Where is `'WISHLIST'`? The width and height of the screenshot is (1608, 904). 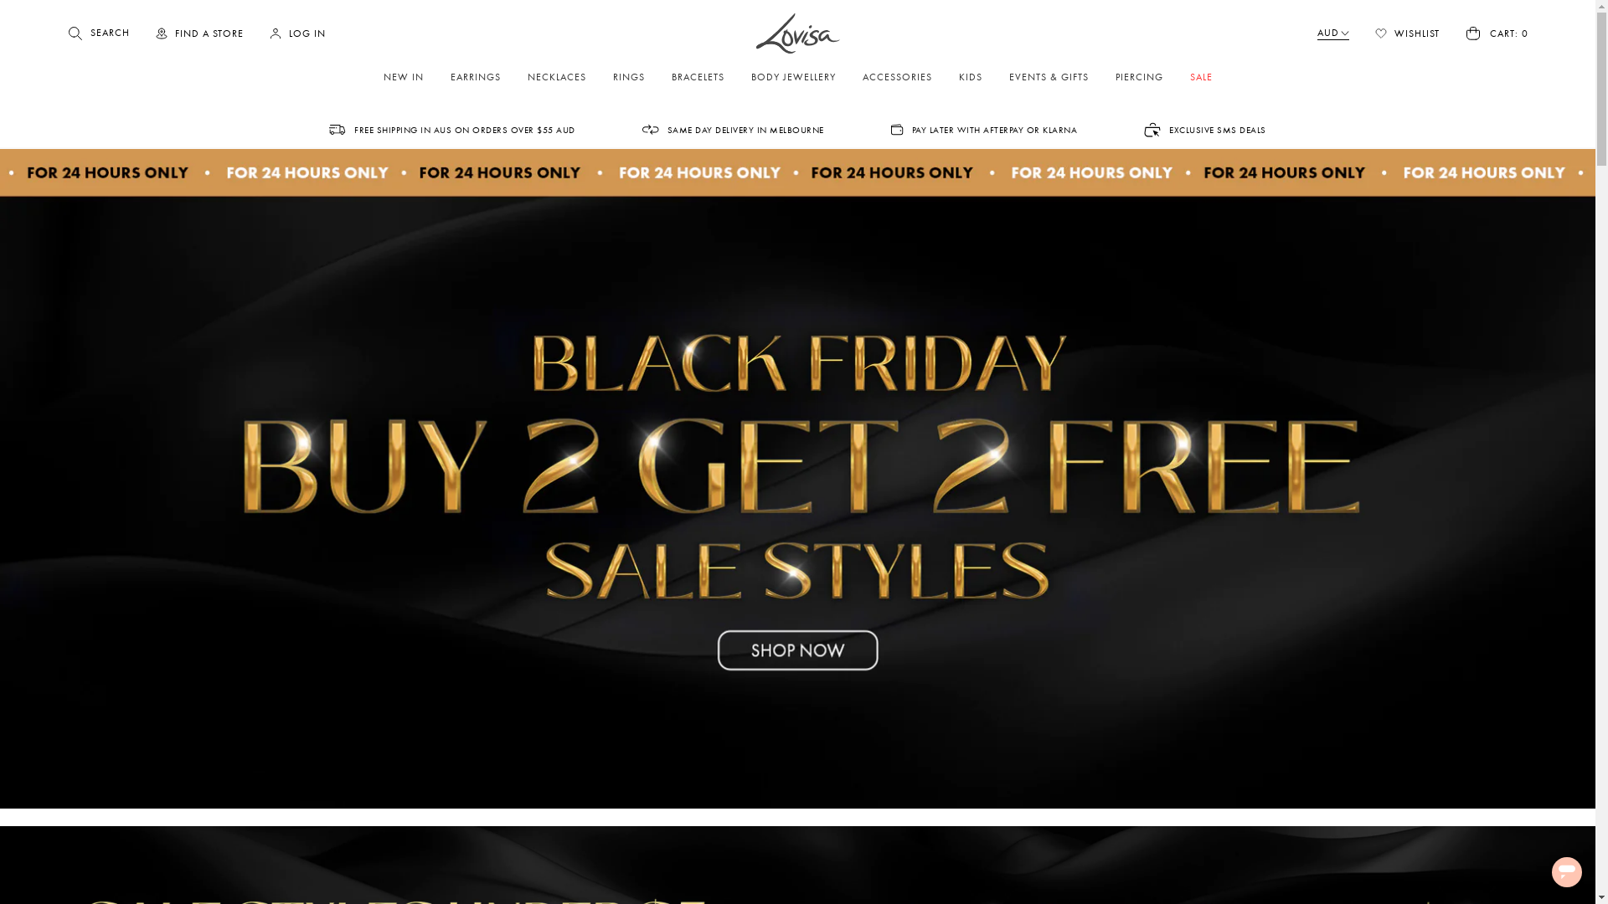 'WISHLIST' is located at coordinates (1407, 33).